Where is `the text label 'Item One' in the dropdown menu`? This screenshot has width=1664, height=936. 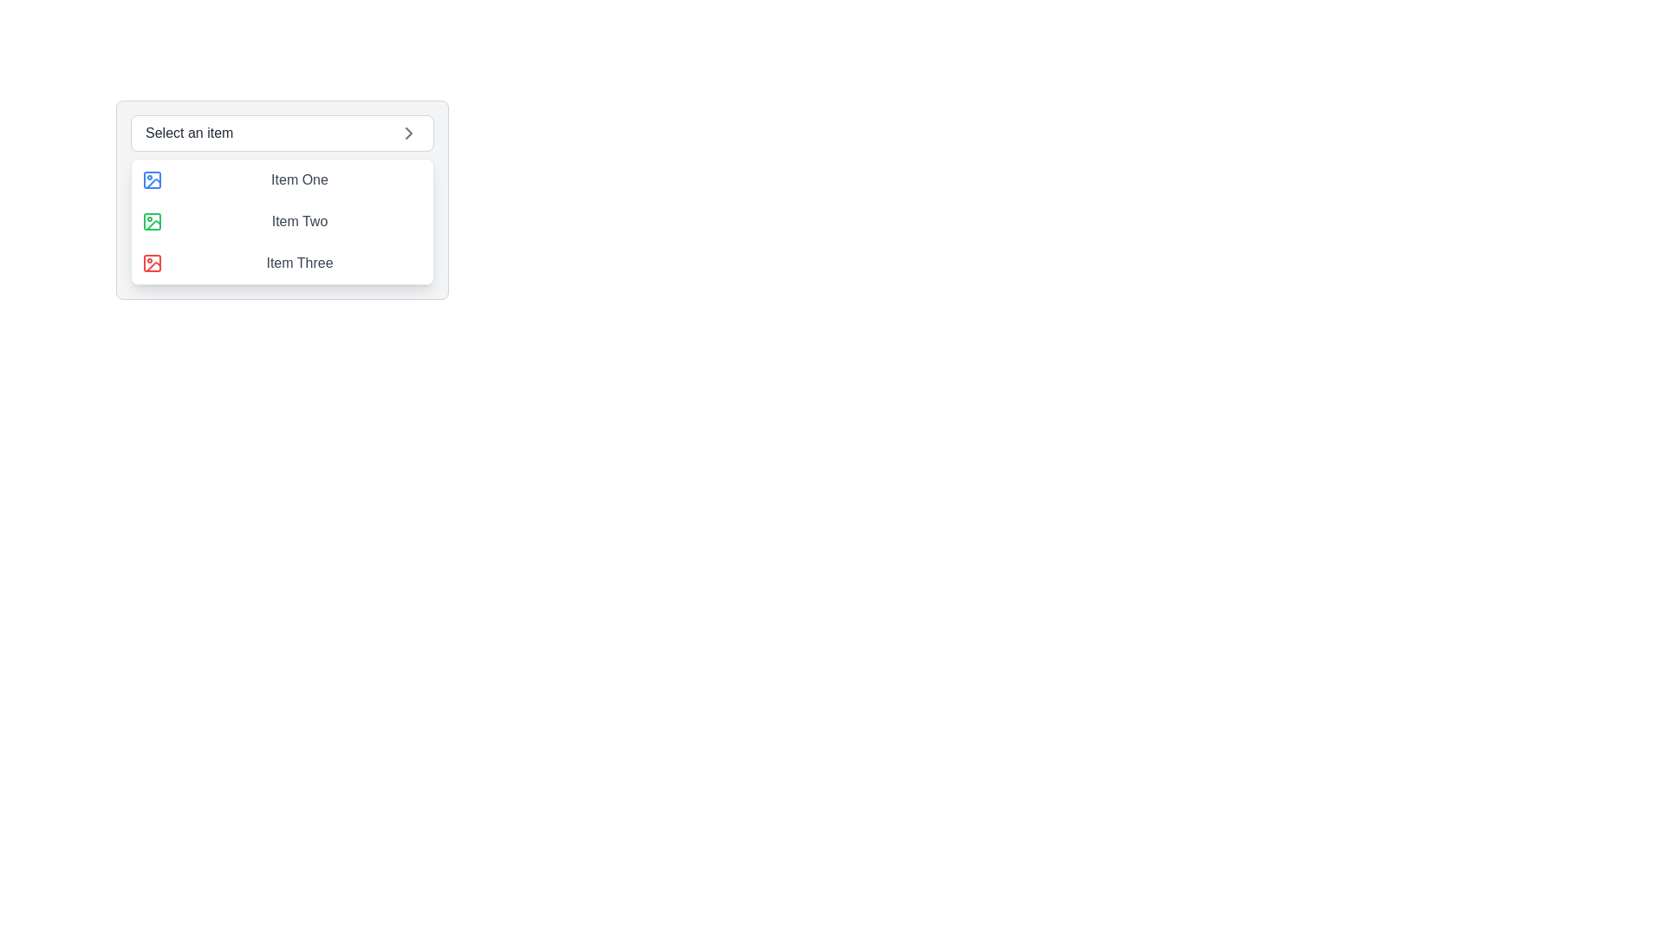
the text label 'Item One' in the dropdown menu is located at coordinates (299, 180).